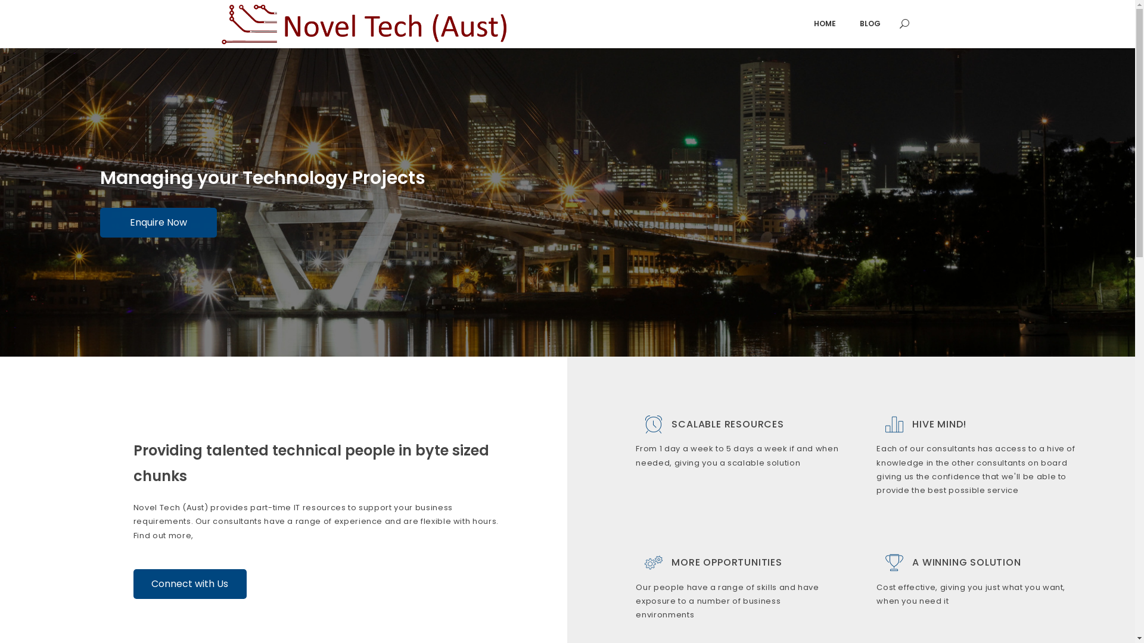 The height and width of the screenshot is (643, 1144). What do you see at coordinates (869, 23) in the screenshot?
I see `'BLOG'` at bounding box center [869, 23].